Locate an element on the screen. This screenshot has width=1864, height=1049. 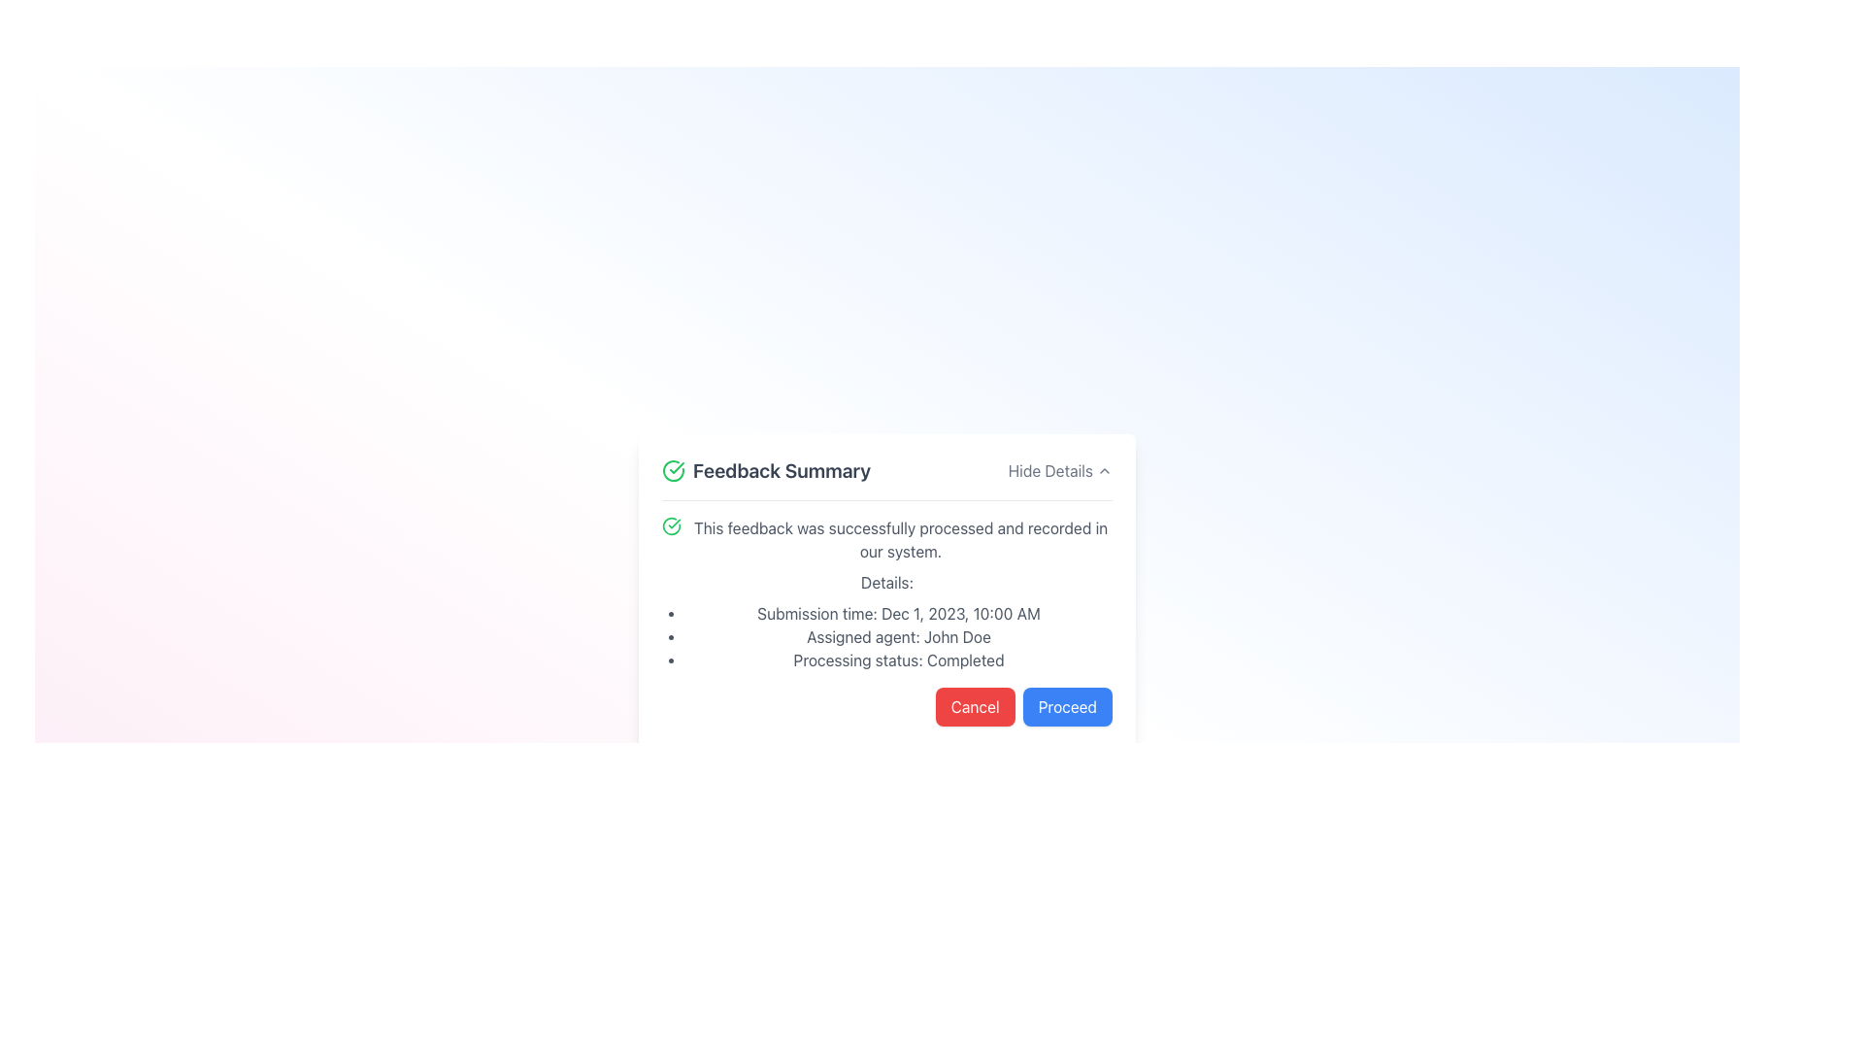
the header text with icon that indicates the context of the feedback details, located at the top left of the feedback display card is located at coordinates (765, 470).